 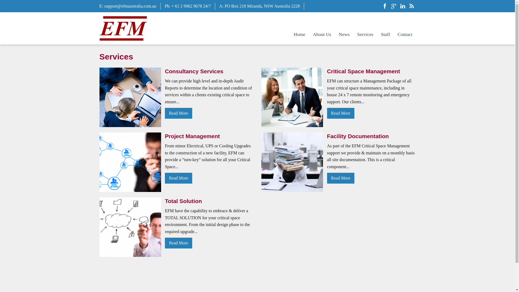 What do you see at coordinates (371, 71) in the screenshot?
I see `'Critical Space Management'` at bounding box center [371, 71].